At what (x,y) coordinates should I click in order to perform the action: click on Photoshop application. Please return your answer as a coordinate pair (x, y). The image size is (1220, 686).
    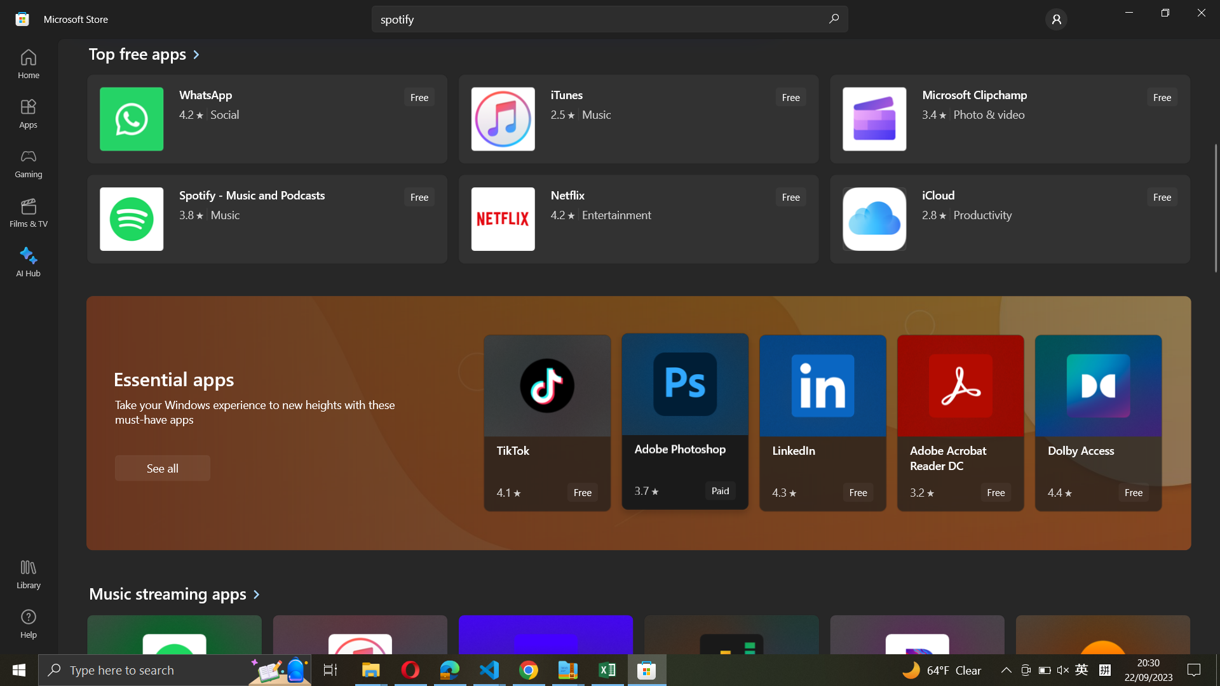
    Looking at the image, I should click on (1315160, 456190).